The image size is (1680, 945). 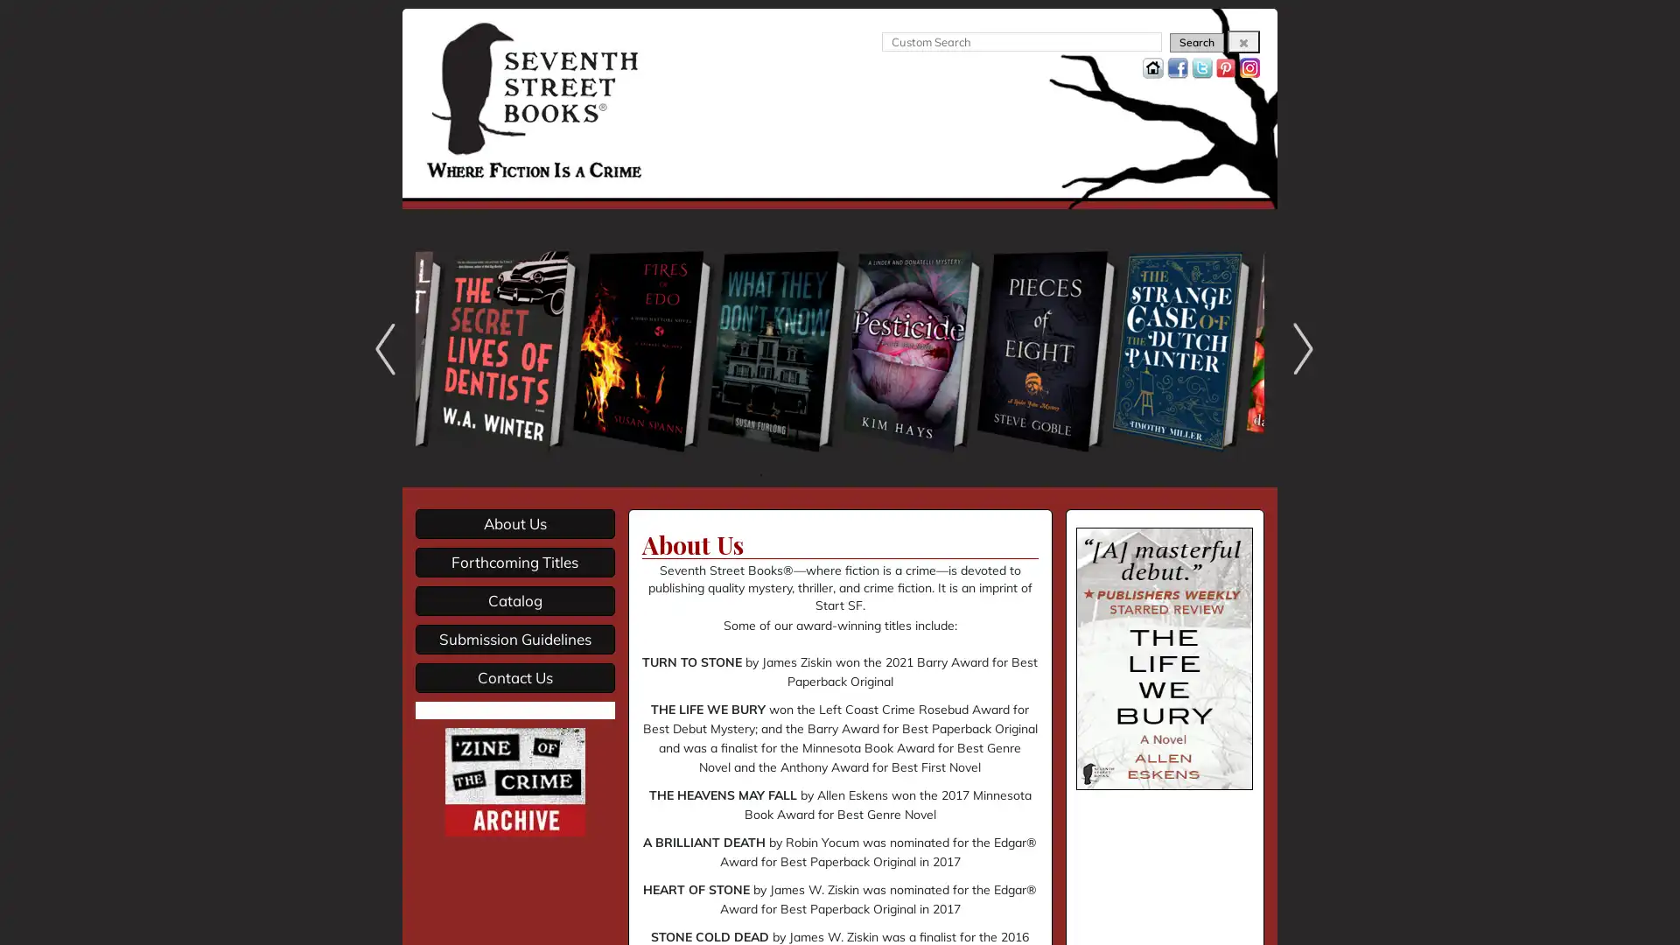 What do you see at coordinates (1298, 348) in the screenshot?
I see `Next` at bounding box center [1298, 348].